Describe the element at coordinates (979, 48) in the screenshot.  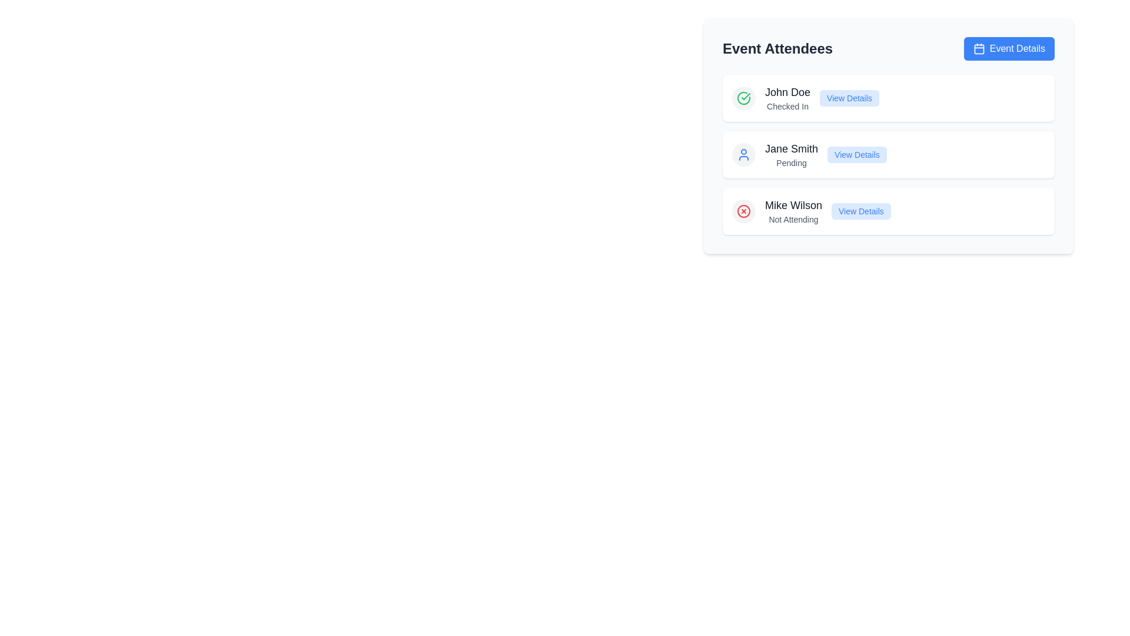
I see `the central rectangle of the calendar icon, which is part of a blue button labeled 'Event Details'` at that location.